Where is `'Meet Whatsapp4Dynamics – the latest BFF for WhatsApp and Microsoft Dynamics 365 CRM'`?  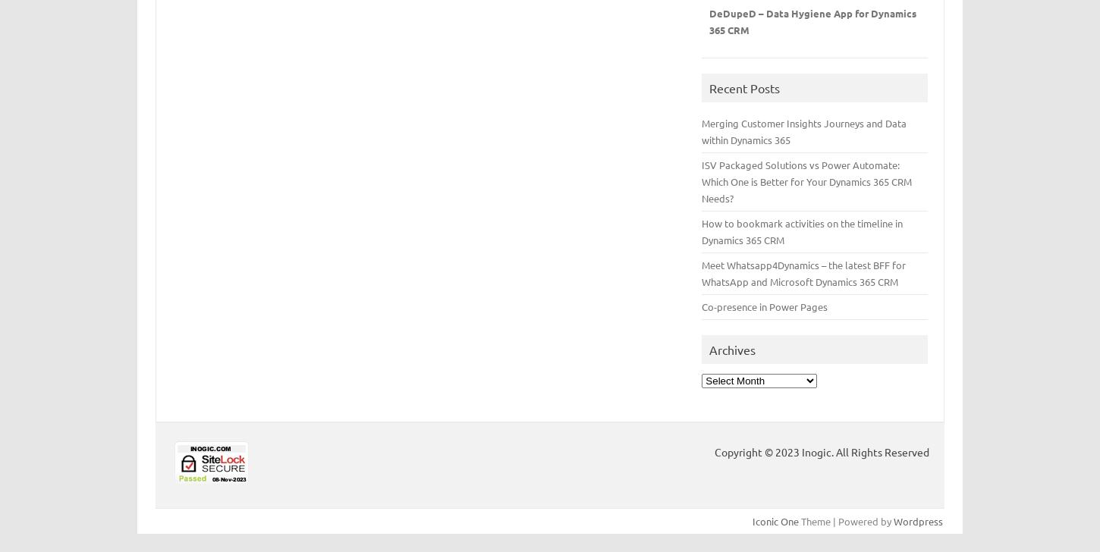 'Meet Whatsapp4Dynamics – the latest BFF for WhatsApp and Microsoft Dynamics 365 CRM' is located at coordinates (700, 272).